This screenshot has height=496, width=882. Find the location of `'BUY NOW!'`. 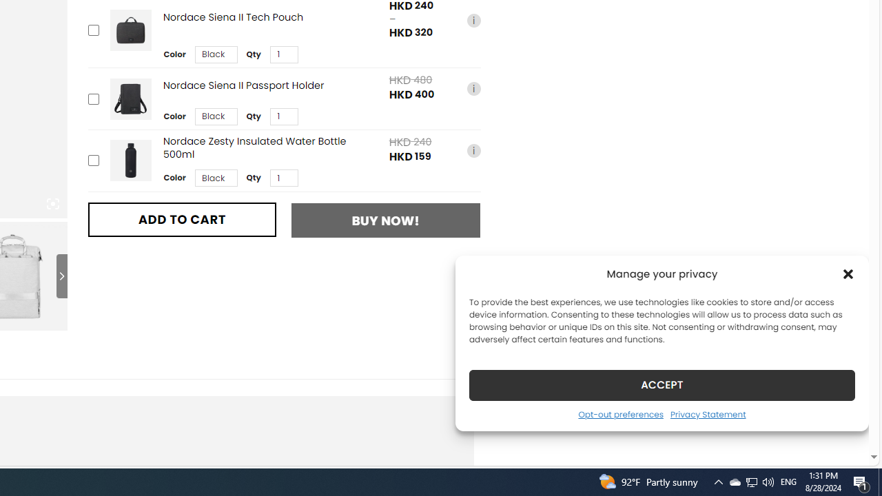

'BUY NOW!' is located at coordinates (386, 220).